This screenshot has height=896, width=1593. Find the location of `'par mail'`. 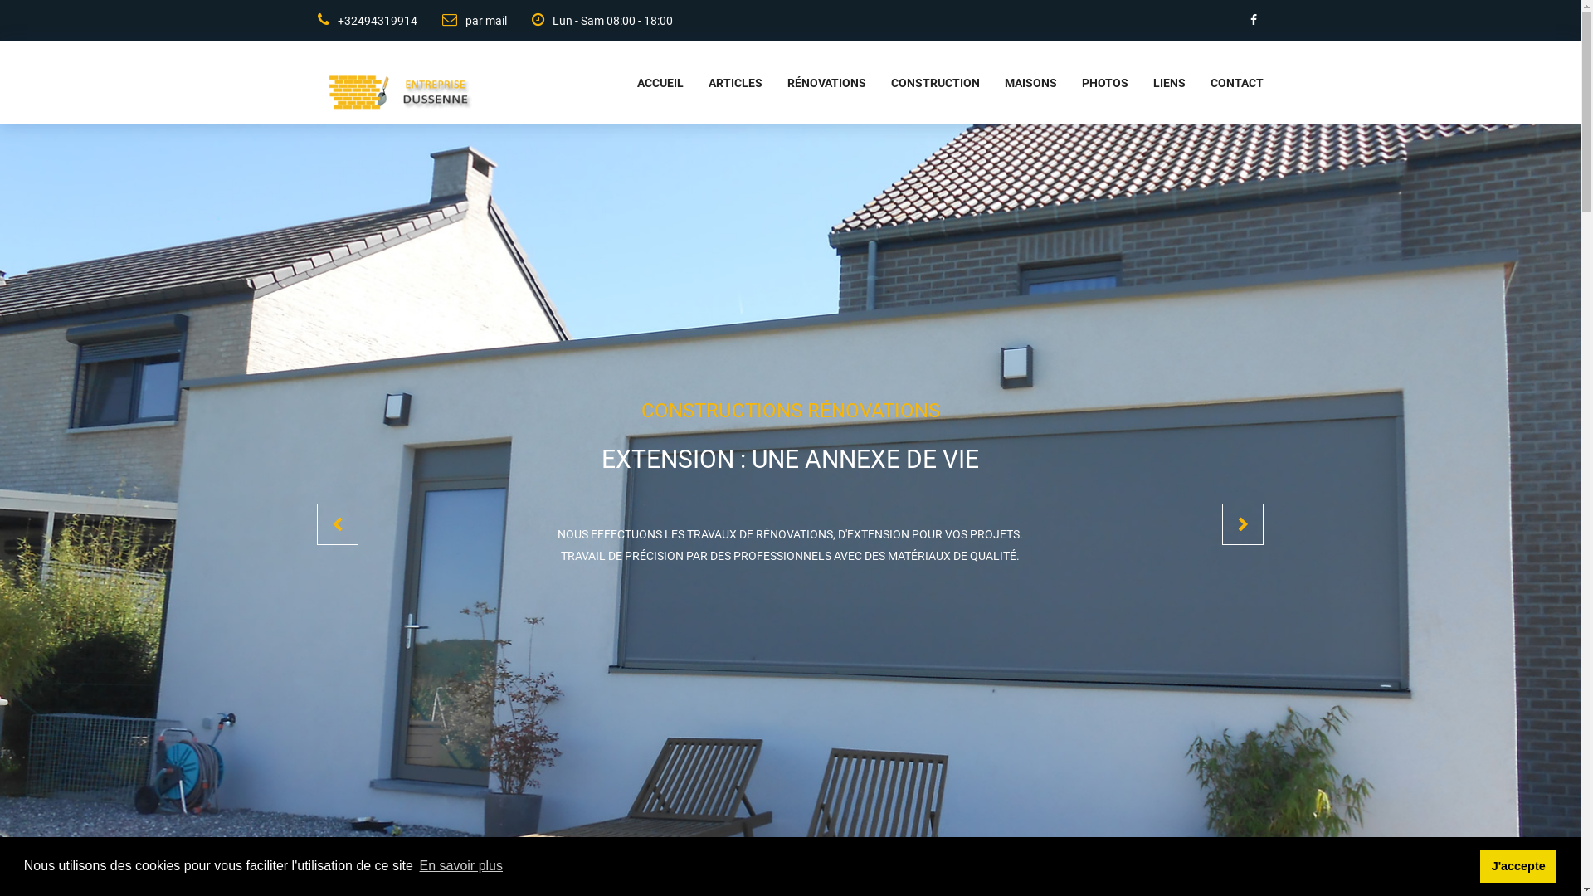

'par mail' is located at coordinates (461, 20).